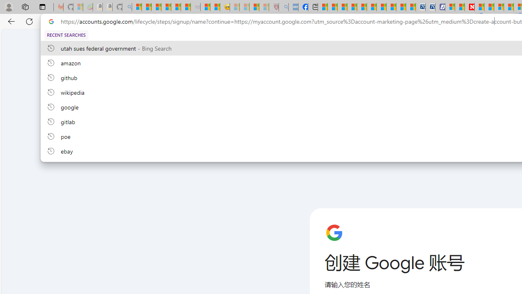 This screenshot has height=294, width=522. Describe the element at coordinates (175, 7) in the screenshot. I see `'New Report Confirms 2023 Was Record Hot | Watch'` at that location.